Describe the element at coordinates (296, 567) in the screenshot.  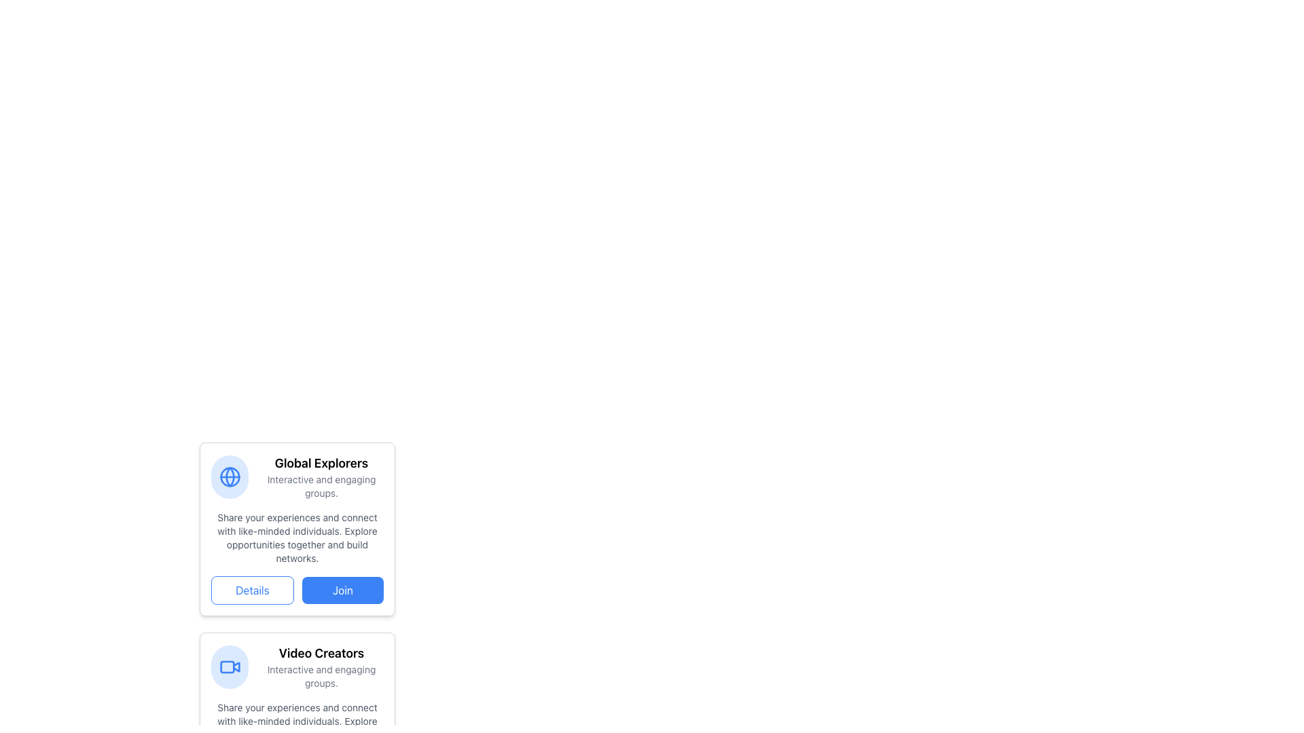
I see `the 'Join' button on the 'Global Explorers' interactive card, which is the first card in the list and contains a solid blue button labeled 'Join'` at that location.